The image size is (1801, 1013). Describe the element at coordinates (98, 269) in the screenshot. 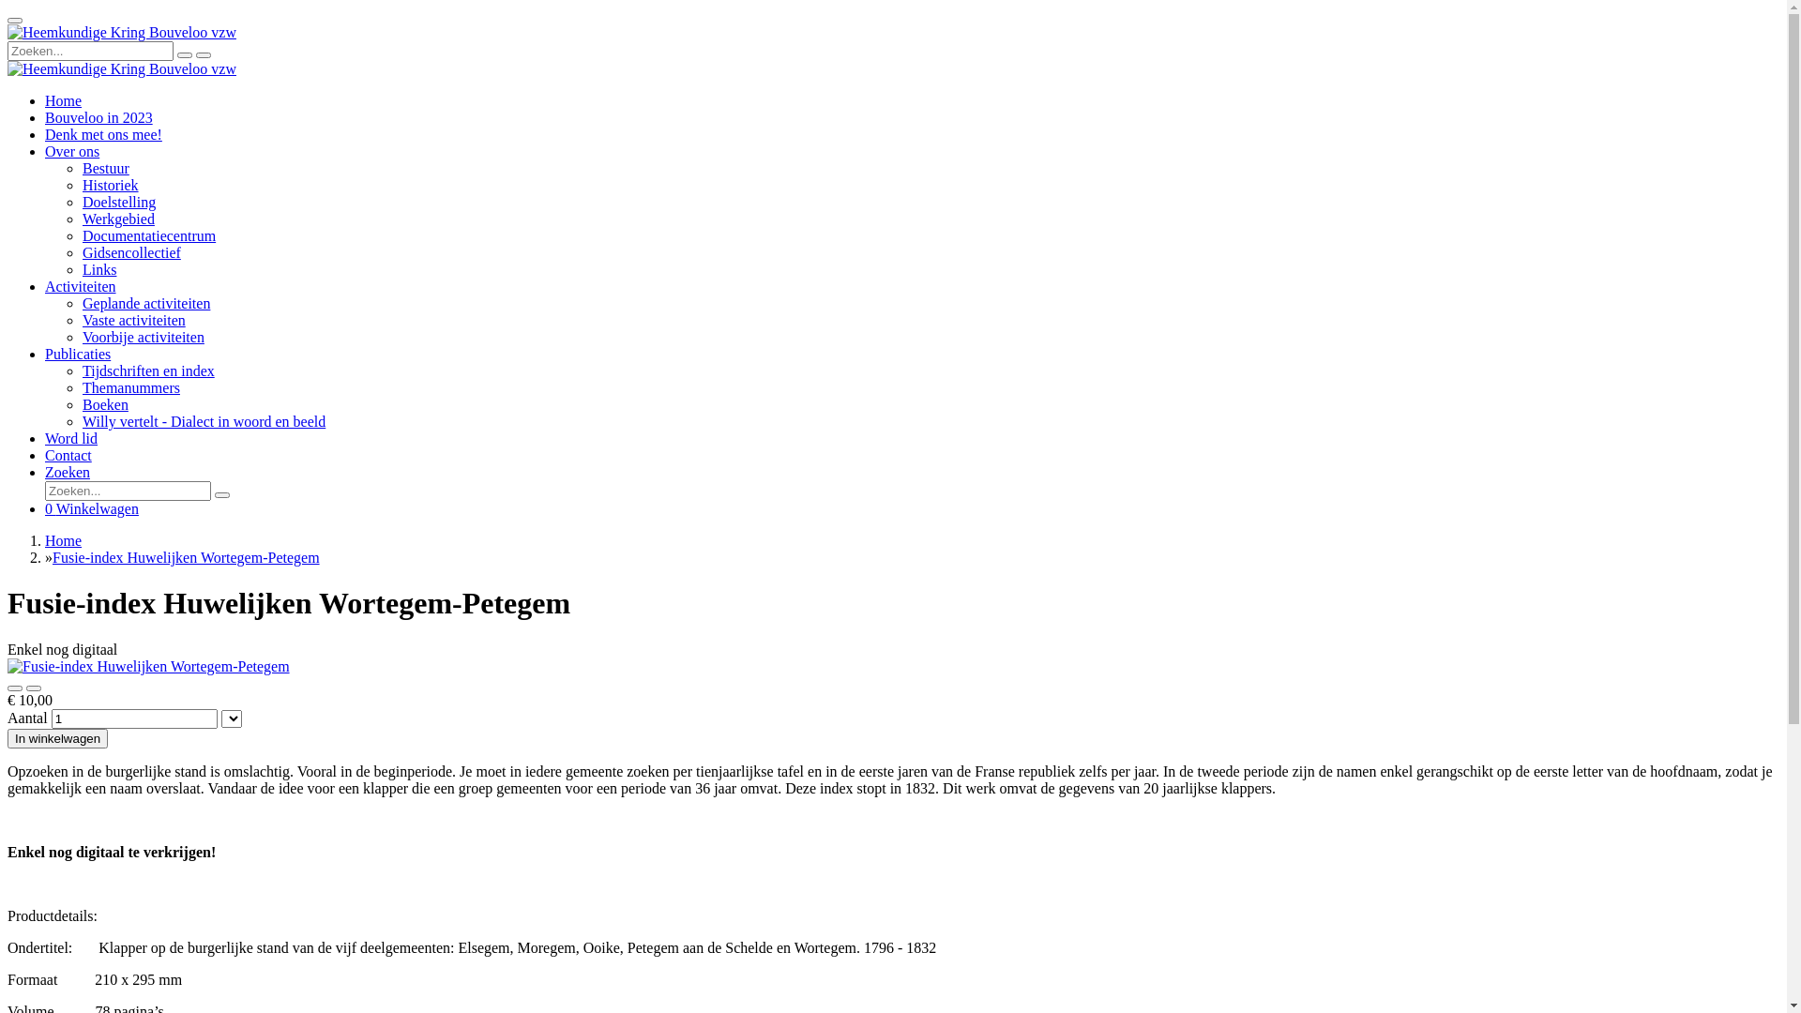

I see `'Links'` at that location.